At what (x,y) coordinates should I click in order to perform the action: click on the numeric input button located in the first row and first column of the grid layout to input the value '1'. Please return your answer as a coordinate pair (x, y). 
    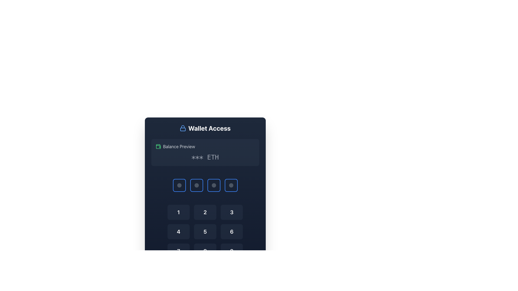
    Looking at the image, I should click on (178, 212).